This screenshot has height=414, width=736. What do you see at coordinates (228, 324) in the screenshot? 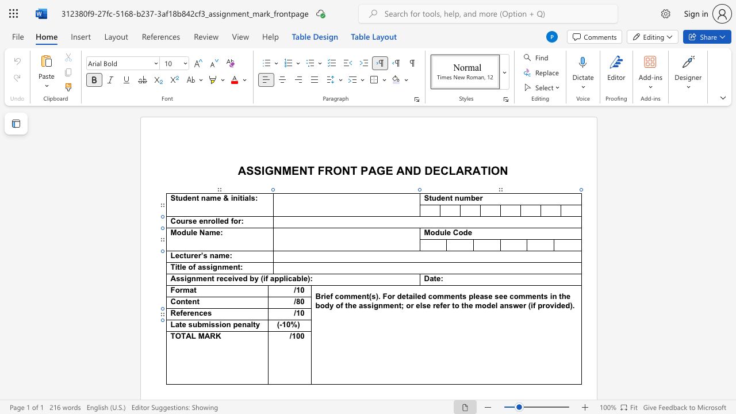
I see `the 1th character "n" in the text` at bounding box center [228, 324].